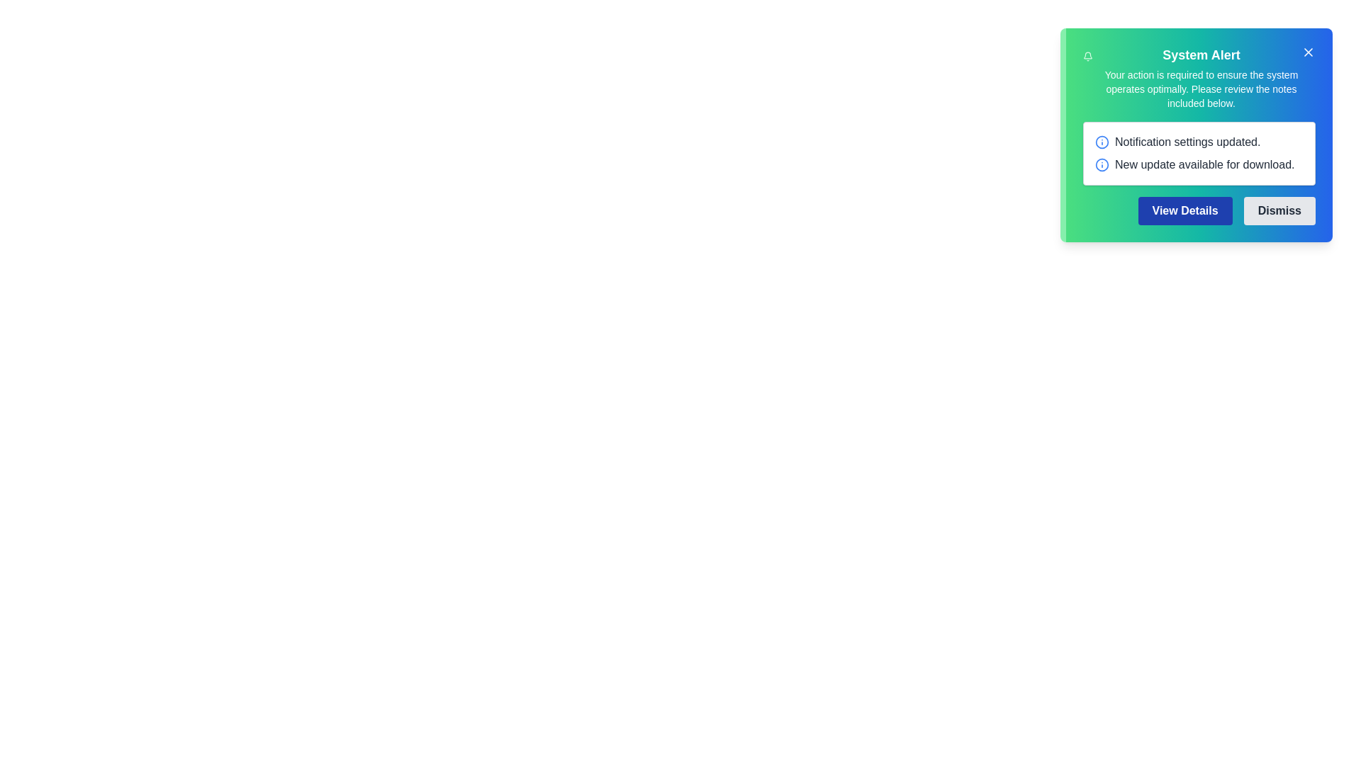  What do you see at coordinates (1198, 153) in the screenshot?
I see `the notification list to inspect updates` at bounding box center [1198, 153].